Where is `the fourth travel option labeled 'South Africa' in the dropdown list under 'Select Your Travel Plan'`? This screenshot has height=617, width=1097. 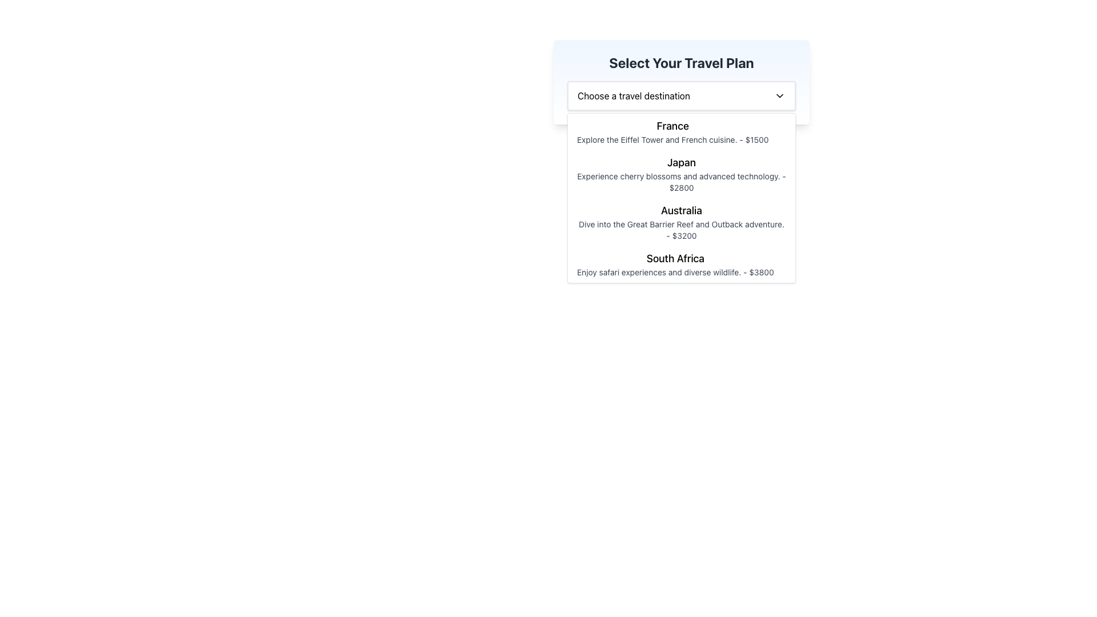
the fourth travel option labeled 'South Africa' in the dropdown list under 'Select Your Travel Plan' is located at coordinates (675, 264).